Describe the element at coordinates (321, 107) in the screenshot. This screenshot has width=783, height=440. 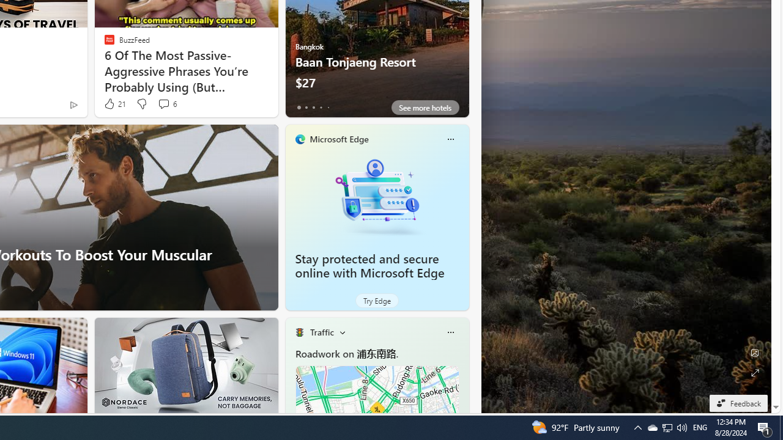
I see `'tab-3'` at that location.